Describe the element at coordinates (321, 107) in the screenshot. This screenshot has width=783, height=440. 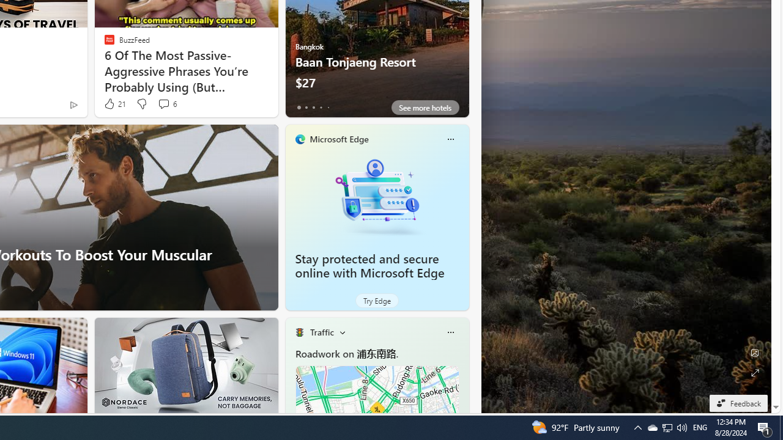
I see `'tab-3'` at that location.